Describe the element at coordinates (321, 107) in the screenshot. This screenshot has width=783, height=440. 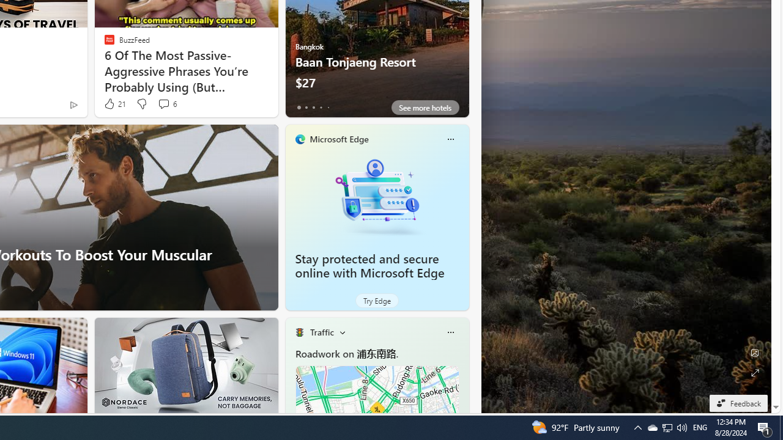
I see `'tab-3'` at that location.